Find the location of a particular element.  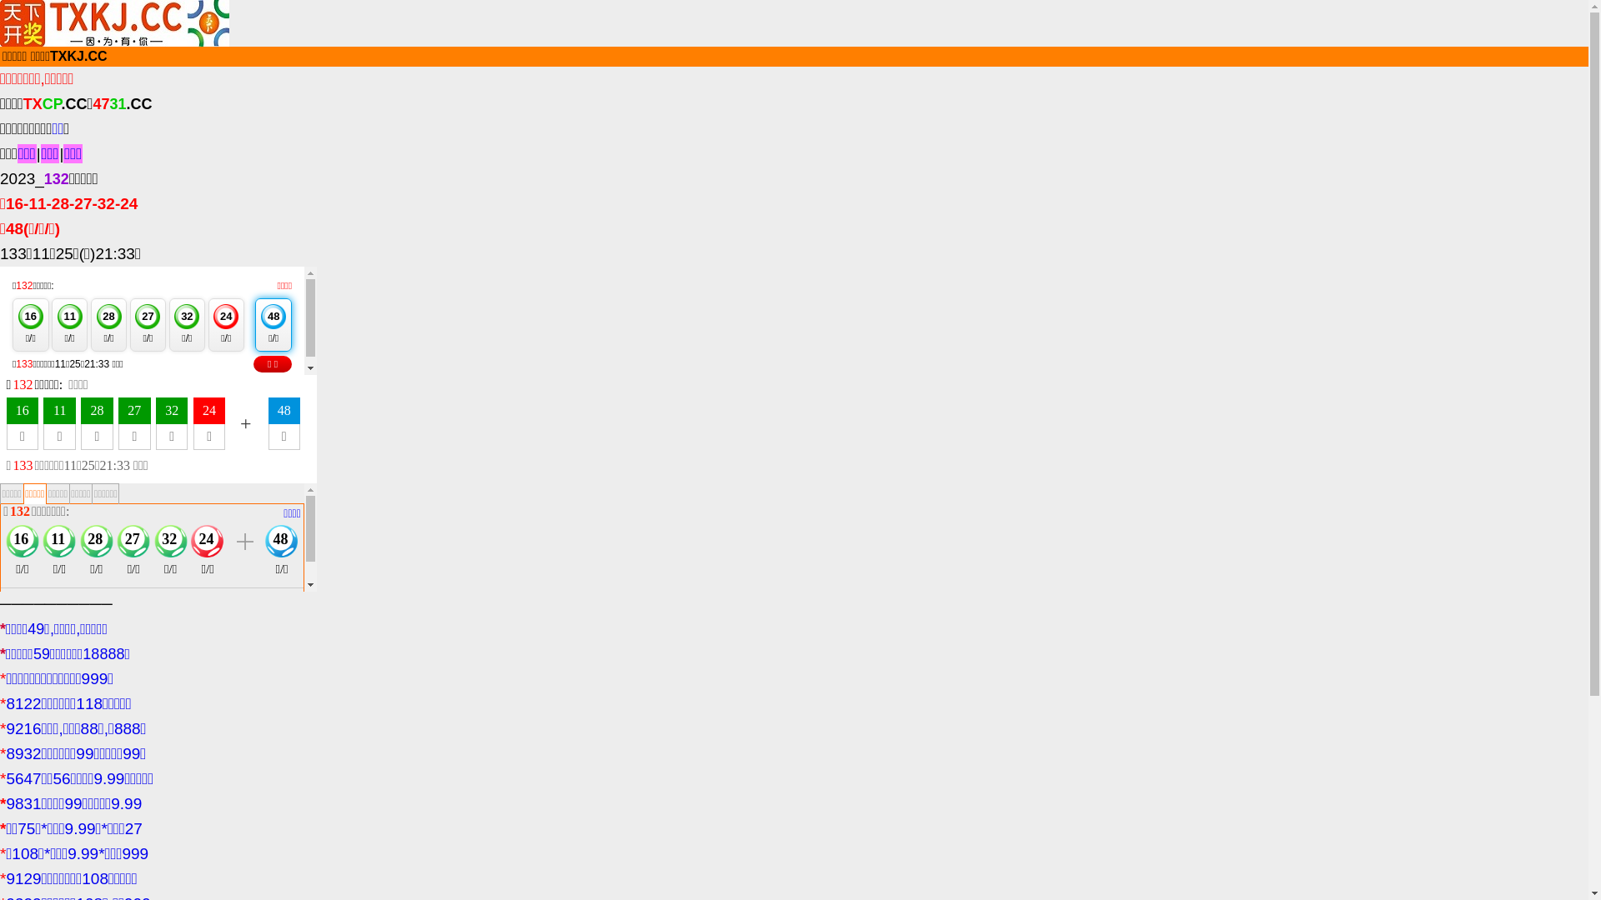

'4731.CC' is located at coordinates (121, 103).